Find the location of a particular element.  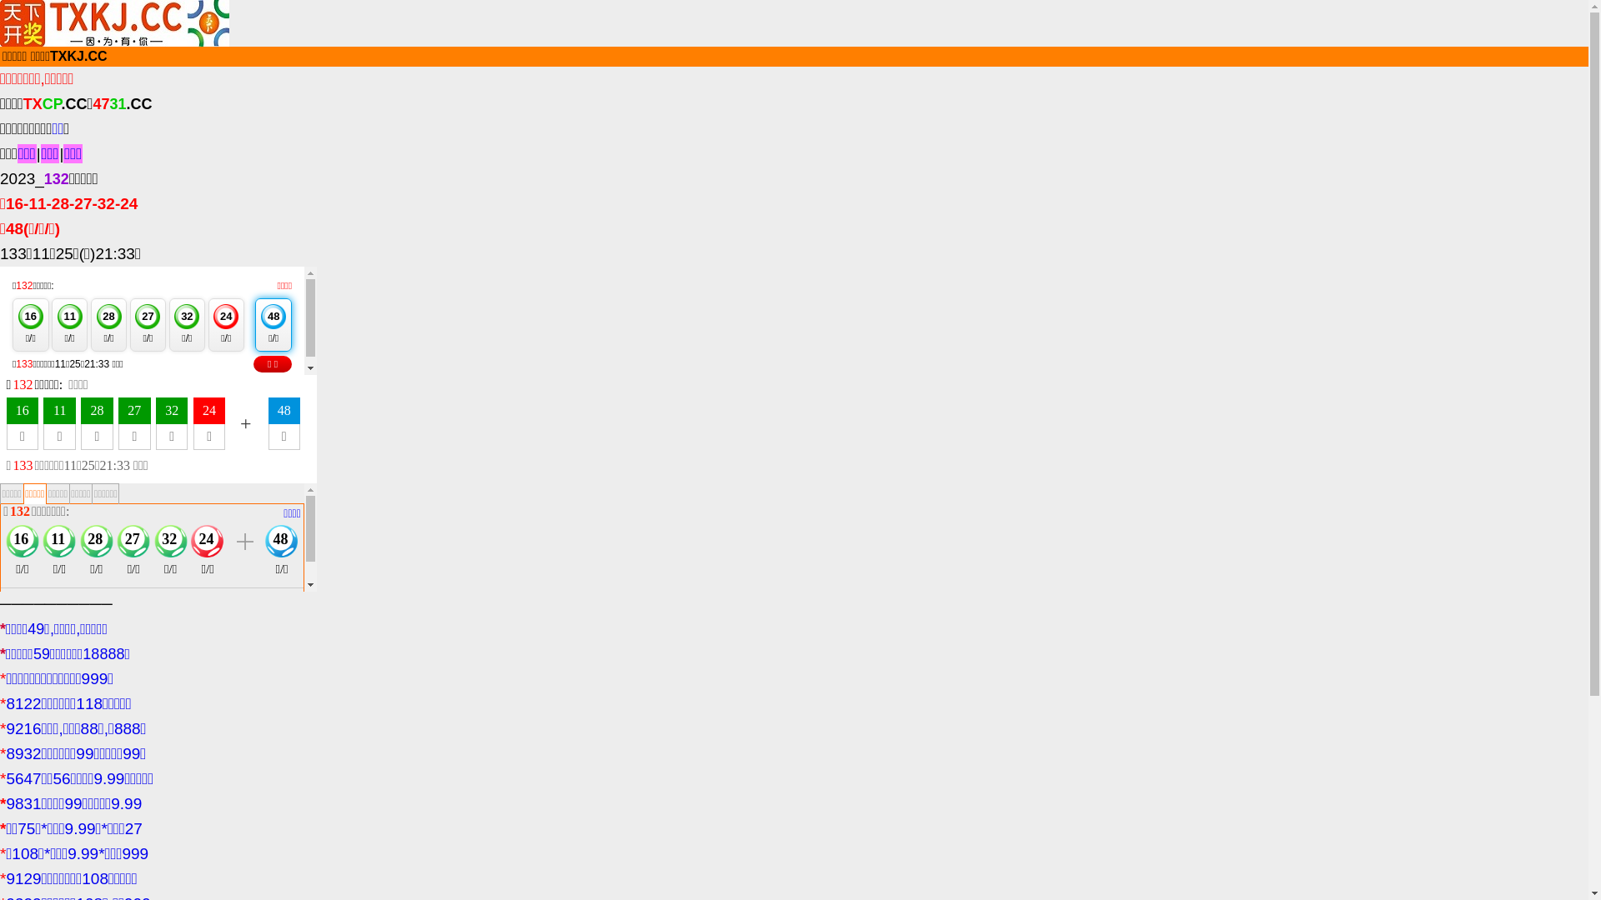

'4731.CC' is located at coordinates (121, 103).